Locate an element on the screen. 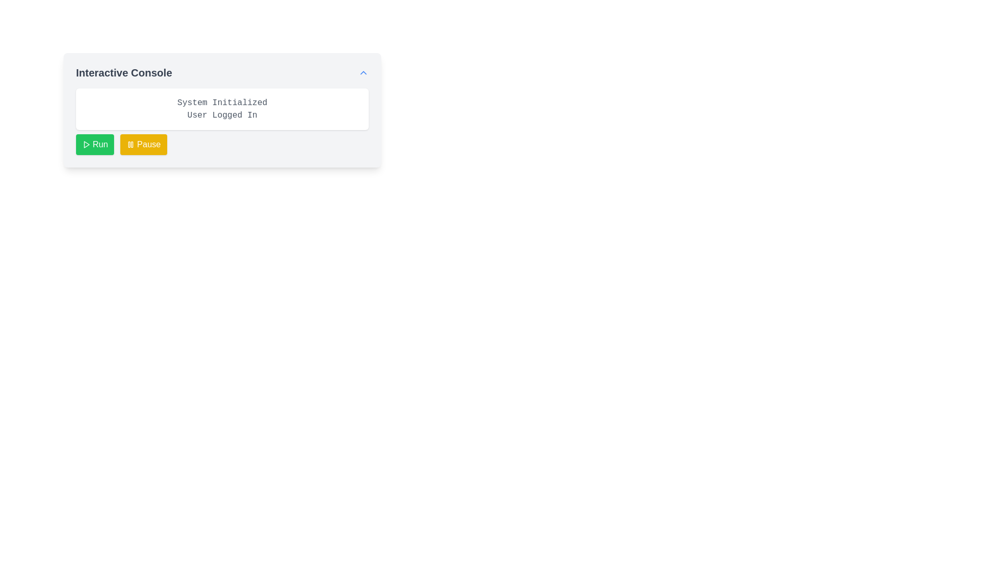  the second rectangle of the pause icon, located below the 'System Initialized' text, to receive visual feedback is located at coordinates (132, 144).